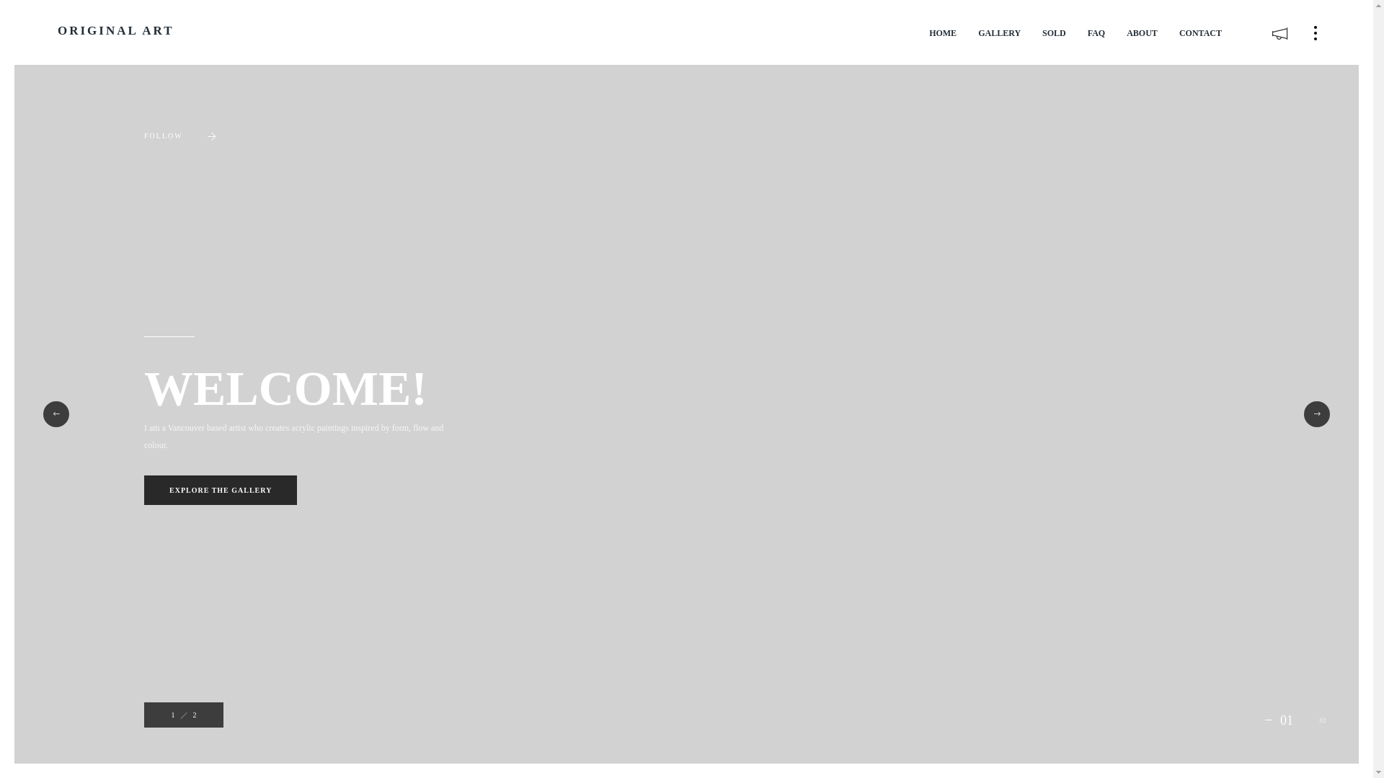 This screenshot has height=778, width=1384. I want to click on 'FAQ', so click(1096, 32).